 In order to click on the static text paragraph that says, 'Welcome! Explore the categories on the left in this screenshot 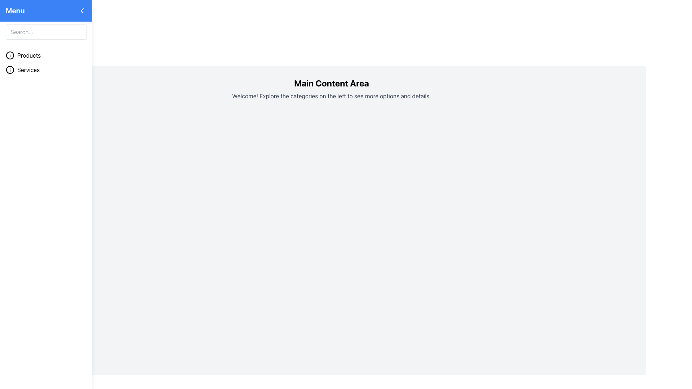, I will do `click(331, 95)`.